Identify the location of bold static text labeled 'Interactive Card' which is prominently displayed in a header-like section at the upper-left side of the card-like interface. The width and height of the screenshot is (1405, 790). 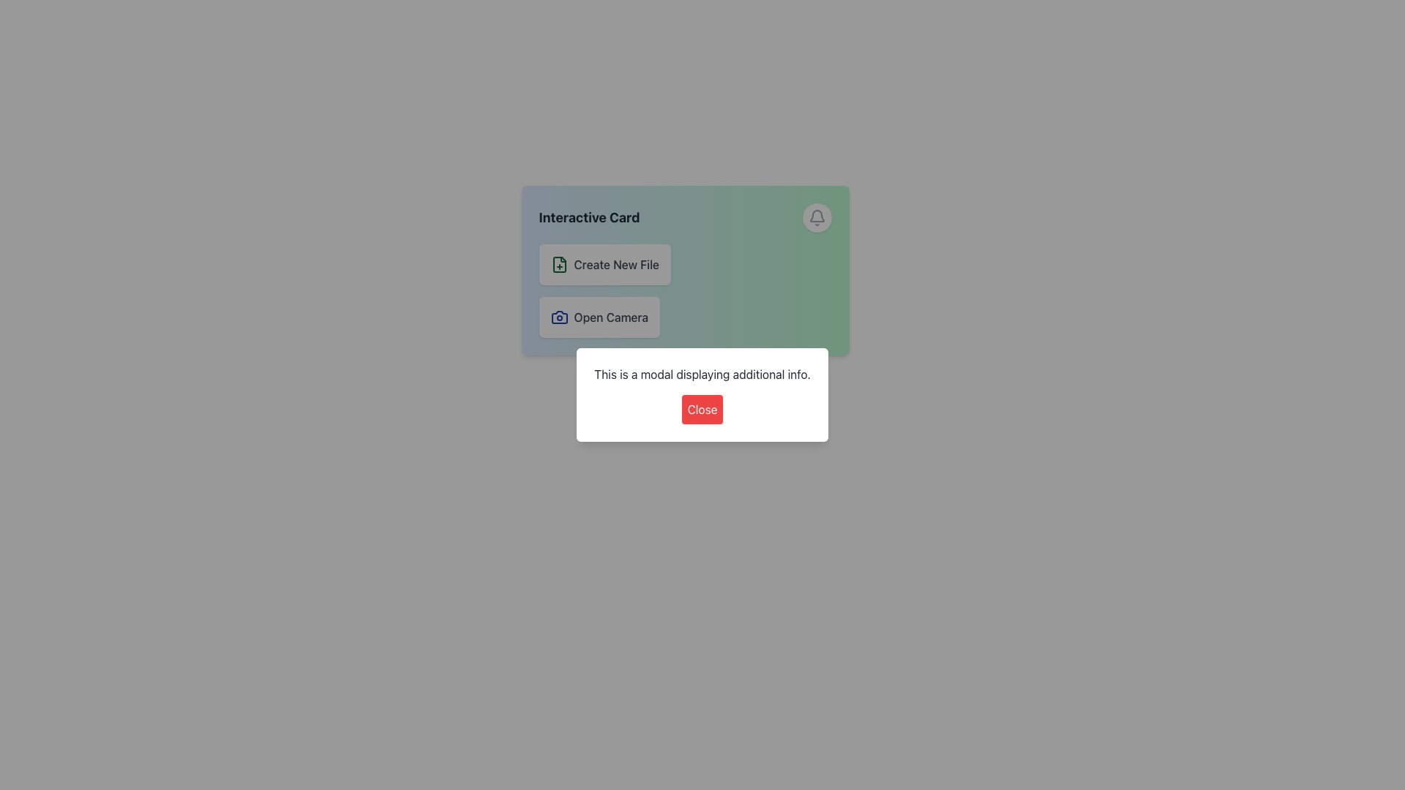
(589, 217).